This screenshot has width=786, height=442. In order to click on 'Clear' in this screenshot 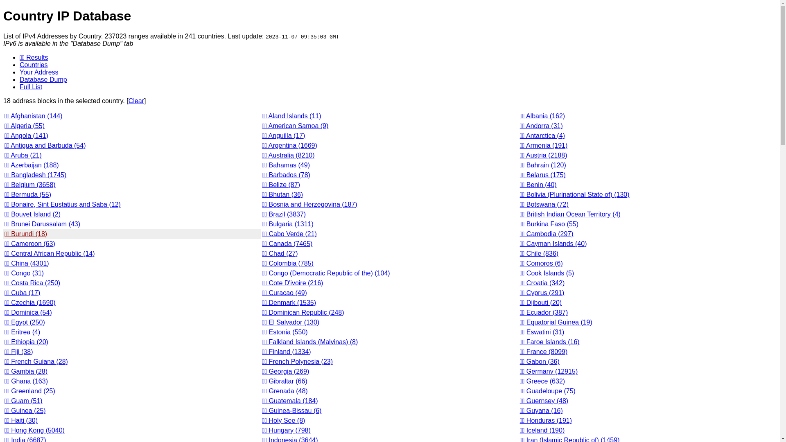, I will do `click(136, 100)`.